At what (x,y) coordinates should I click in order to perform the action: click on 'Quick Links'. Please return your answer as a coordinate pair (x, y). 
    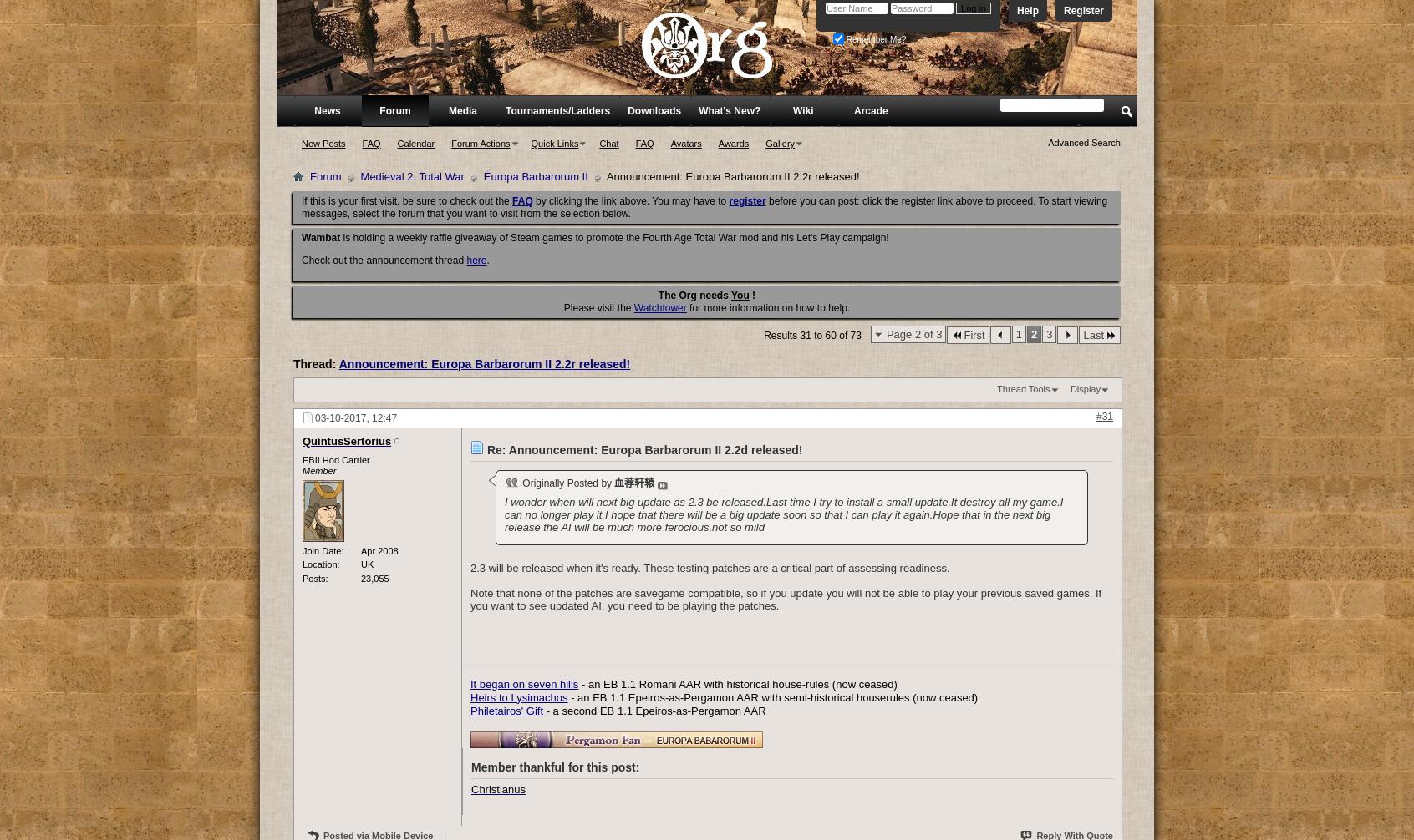
    Looking at the image, I should click on (554, 144).